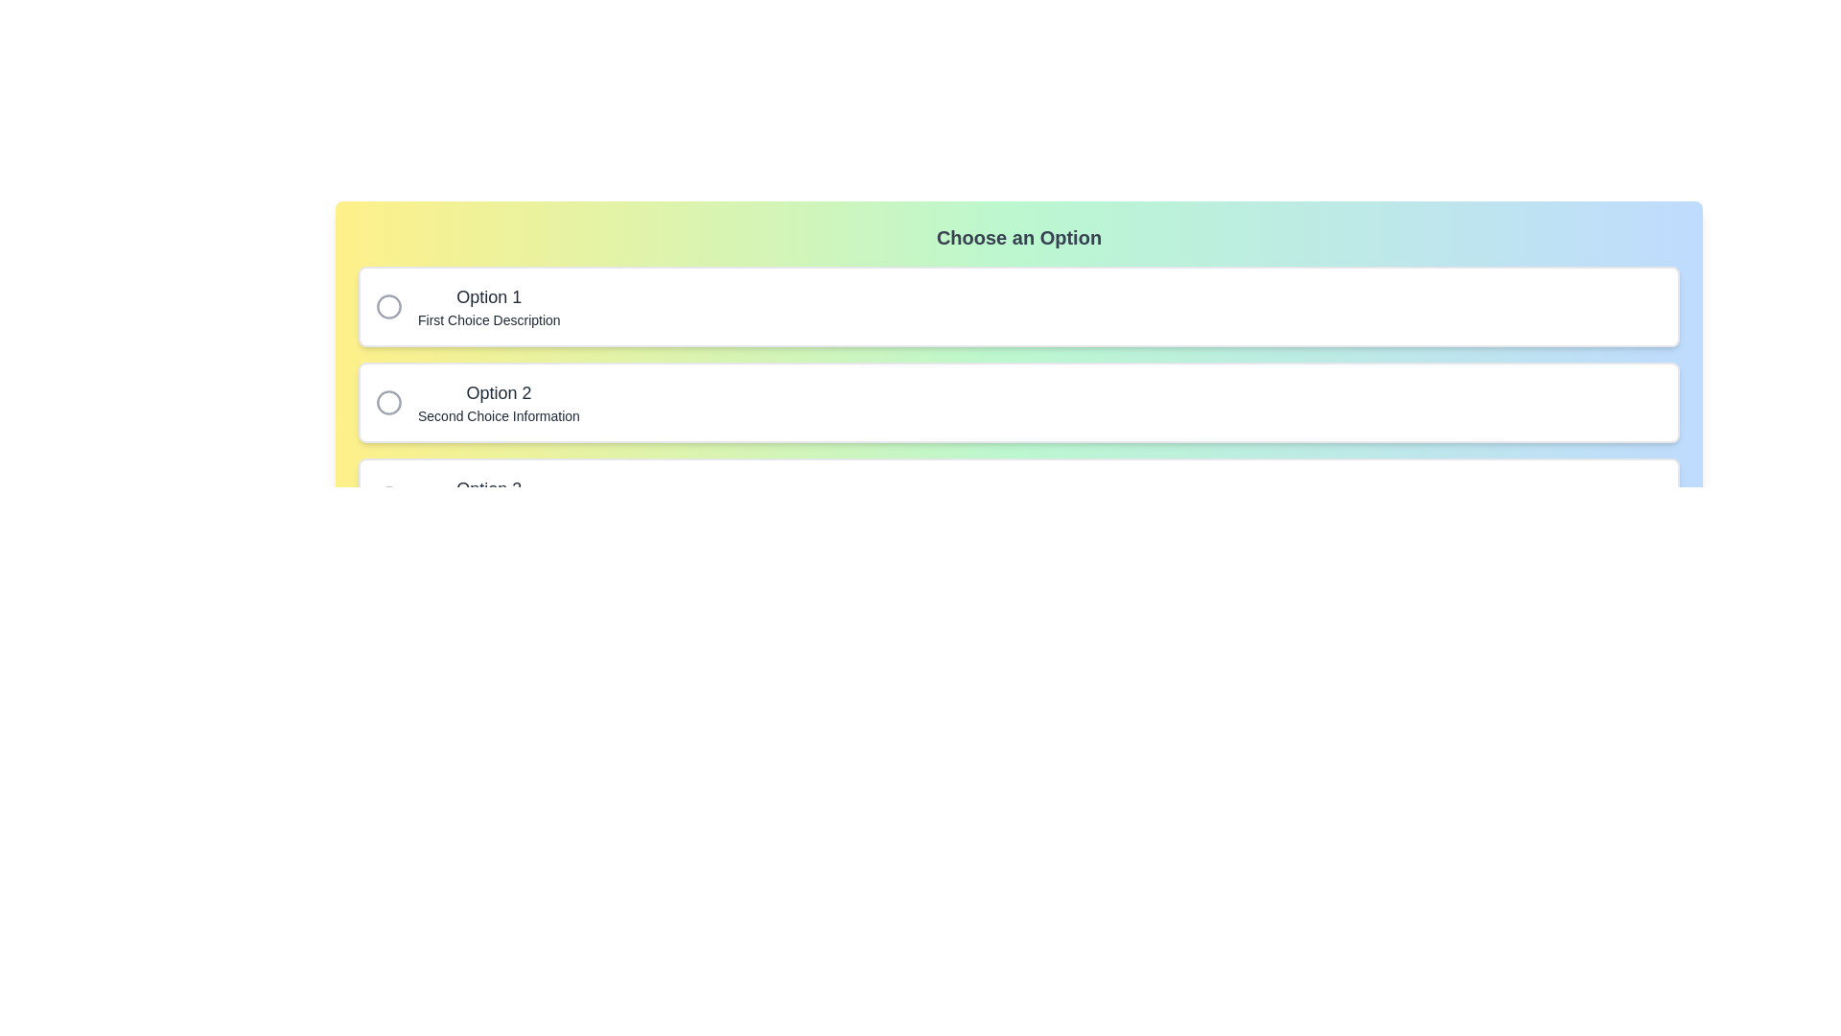 The height and width of the screenshot is (1036, 1841). What do you see at coordinates (499, 402) in the screenshot?
I see `information displayed in the text block titled 'Option 2' which contains the smaller text 'Second Choice Information'` at bounding box center [499, 402].